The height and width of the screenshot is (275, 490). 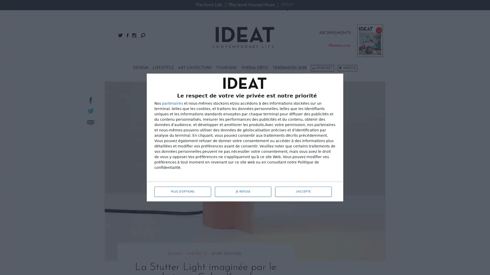 I want to click on JE REFUSE, so click(x=242, y=191).